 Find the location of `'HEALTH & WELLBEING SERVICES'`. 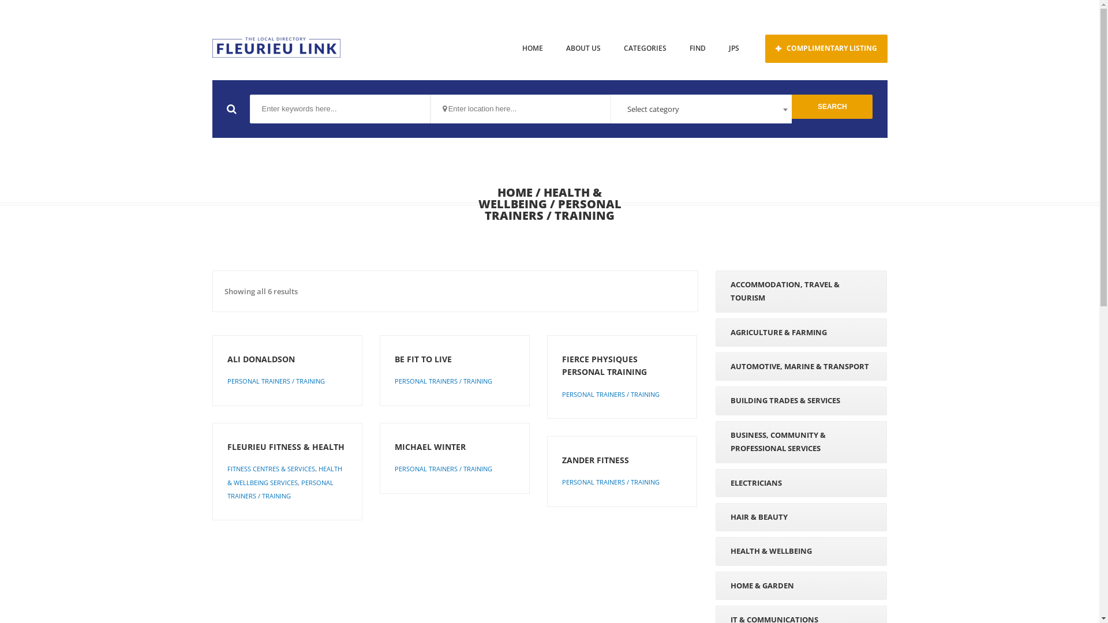

'HEALTH & WELLBEING SERVICES' is located at coordinates (285, 475).